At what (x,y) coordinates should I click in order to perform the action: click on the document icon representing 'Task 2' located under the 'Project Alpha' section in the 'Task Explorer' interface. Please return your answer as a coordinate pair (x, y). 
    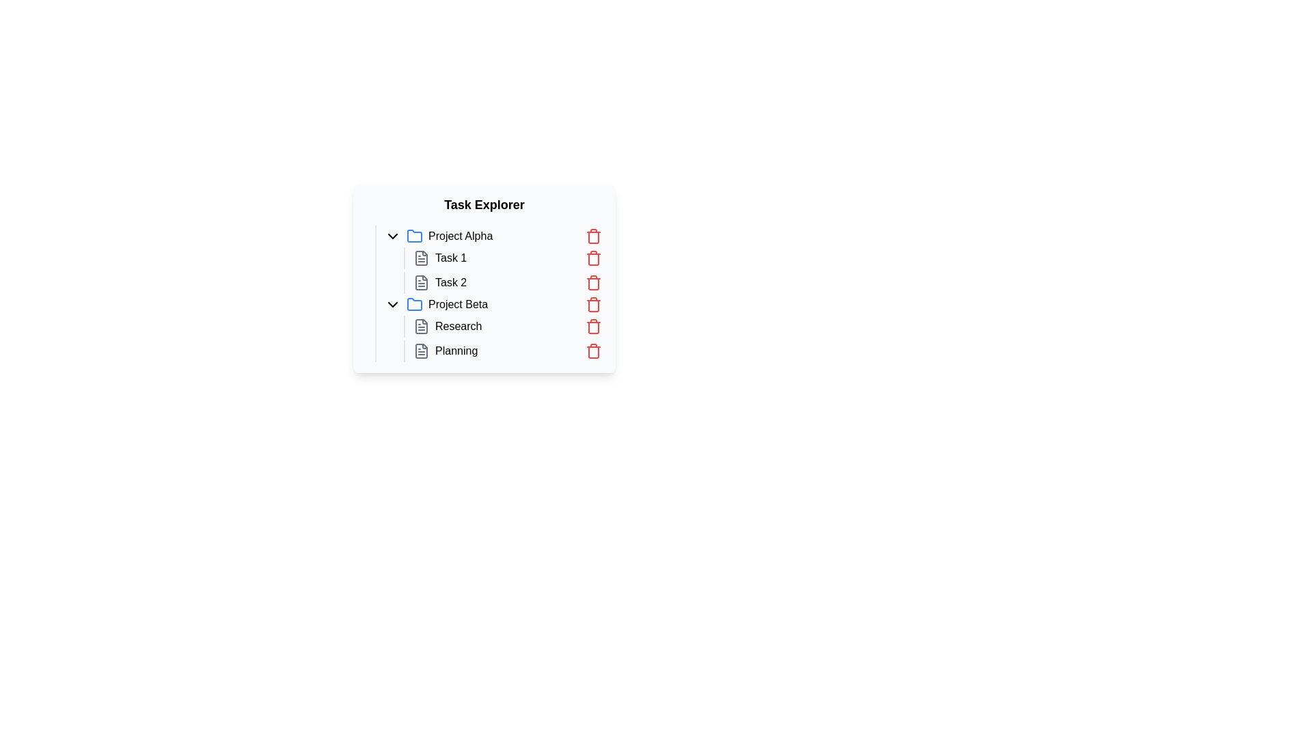
    Looking at the image, I should click on (421, 282).